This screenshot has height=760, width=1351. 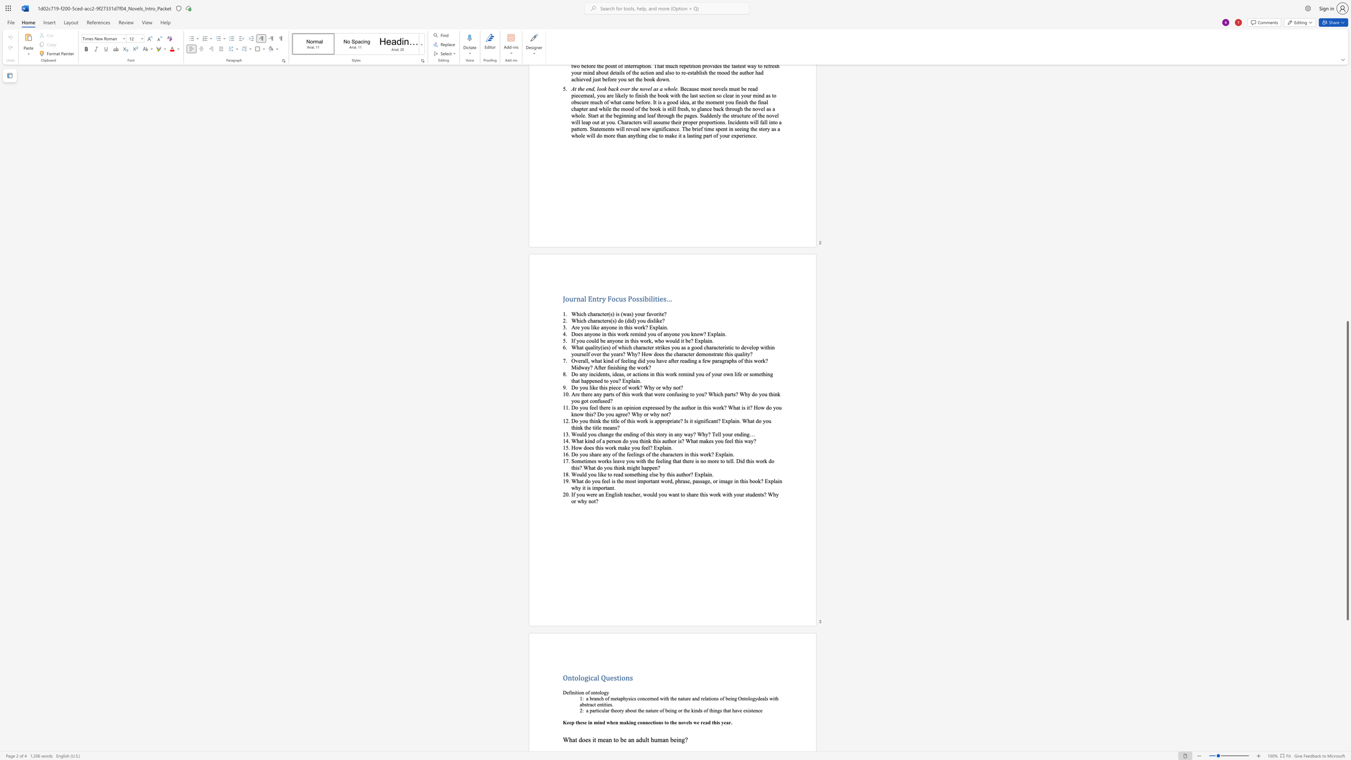 I want to click on the scrollbar on the side, so click(x=1347, y=98).